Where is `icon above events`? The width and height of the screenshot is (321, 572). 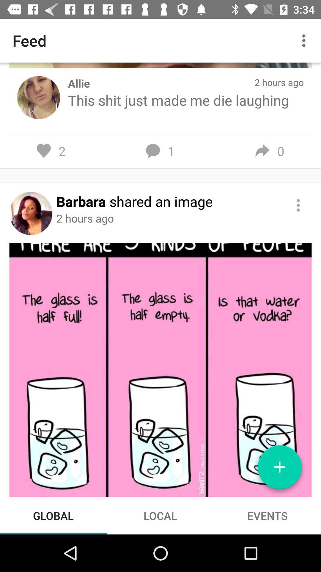 icon above events is located at coordinates (280, 469).